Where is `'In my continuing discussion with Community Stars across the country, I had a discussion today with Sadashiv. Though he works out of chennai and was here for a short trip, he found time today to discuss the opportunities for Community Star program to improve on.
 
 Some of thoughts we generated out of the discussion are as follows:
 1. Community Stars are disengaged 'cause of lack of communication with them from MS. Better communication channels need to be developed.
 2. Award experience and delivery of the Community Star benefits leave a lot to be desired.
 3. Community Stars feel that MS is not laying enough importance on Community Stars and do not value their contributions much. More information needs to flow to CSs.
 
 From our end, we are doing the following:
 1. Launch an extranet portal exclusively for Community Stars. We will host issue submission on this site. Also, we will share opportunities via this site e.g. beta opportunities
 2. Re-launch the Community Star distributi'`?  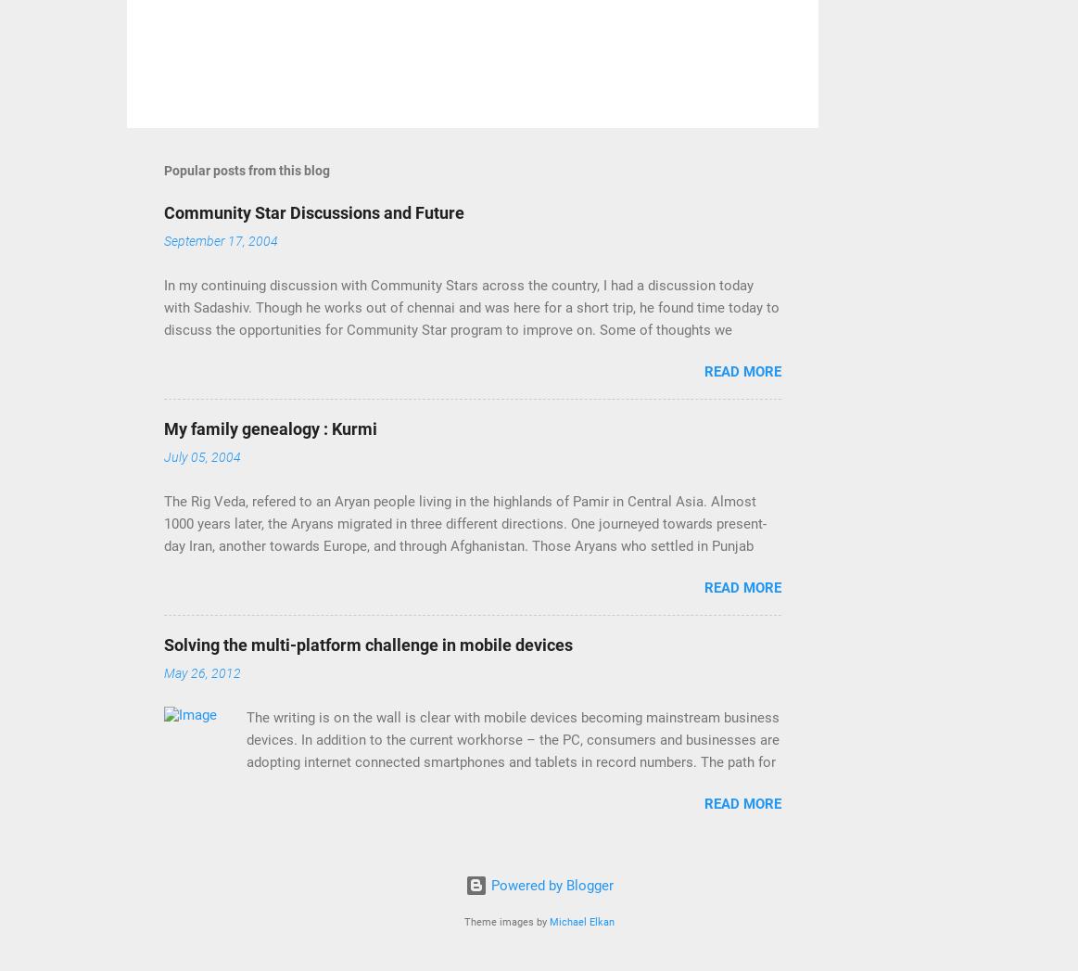 'In my continuing discussion with Community Stars across the country, I had a discussion today with Sadashiv. Though he works out of chennai and was here for a short trip, he found time today to discuss the opportunities for Community Star program to improve on.
 
 Some of thoughts we generated out of the discussion are as follows:
 1. Community Stars are disengaged 'cause of lack of communication with them from MS. Better communication channels need to be developed.
 2. Award experience and delivery of the Community Star benefits leave a lot to be desired.
 3. Community Stars feel that MS is not laying enough importance on Community Stars and do not value their contributions much. More information needs to flow to CSs.
 
 From our end, we are doing the following:
 1. Launch an extranet portal exclusively for Community Stars. We will host issue submission on this site. Also, we will share opportunities via this site e.g. beta opportunities
 2. Re-launch the Community Star distributi' is located at coordinates (469, 396).